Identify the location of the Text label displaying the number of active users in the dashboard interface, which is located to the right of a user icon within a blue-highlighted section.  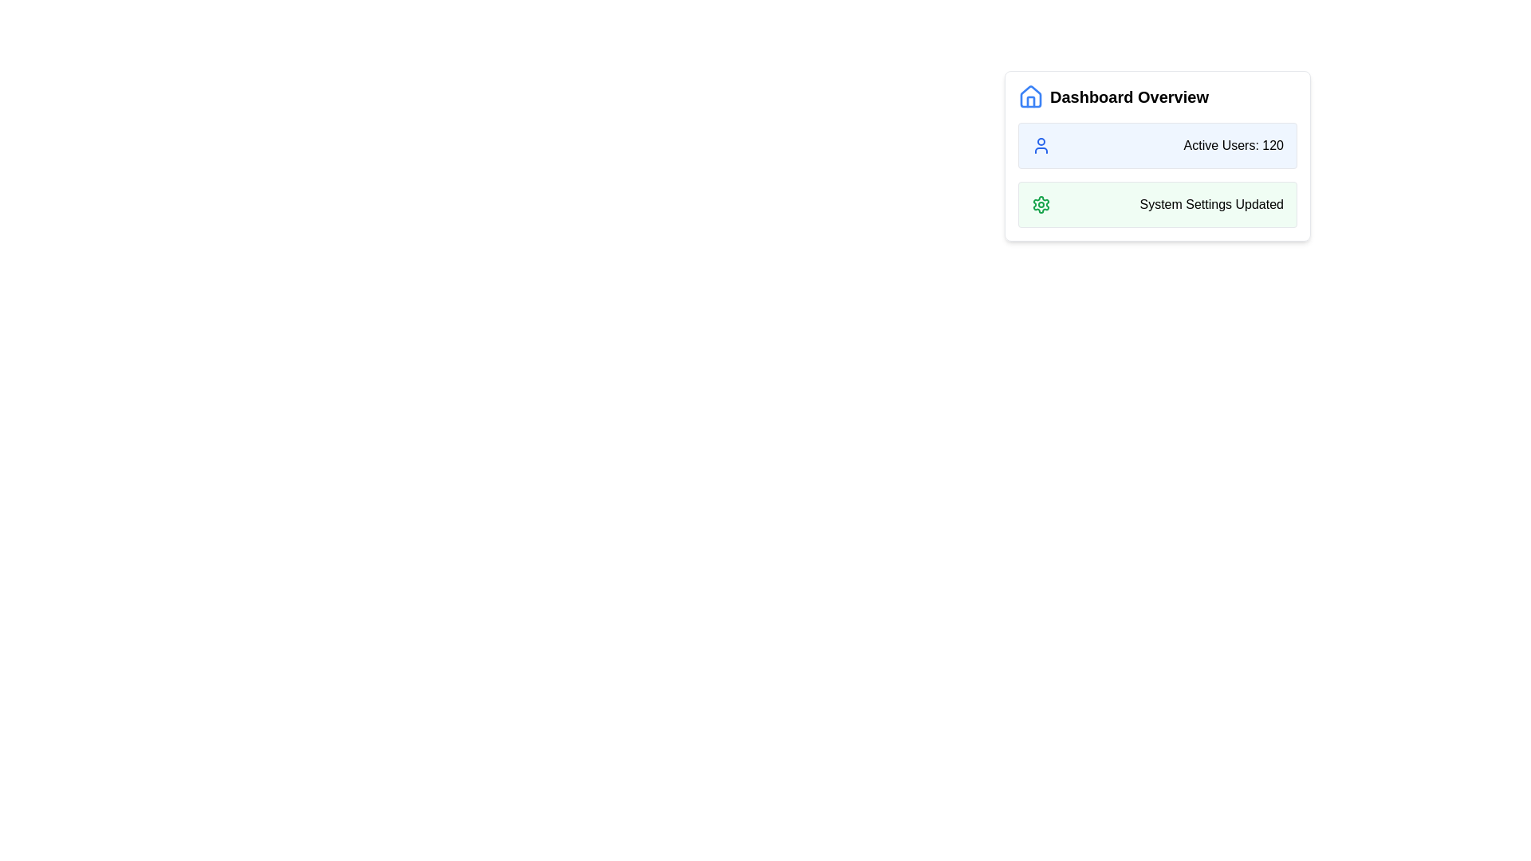
(1233, 145).